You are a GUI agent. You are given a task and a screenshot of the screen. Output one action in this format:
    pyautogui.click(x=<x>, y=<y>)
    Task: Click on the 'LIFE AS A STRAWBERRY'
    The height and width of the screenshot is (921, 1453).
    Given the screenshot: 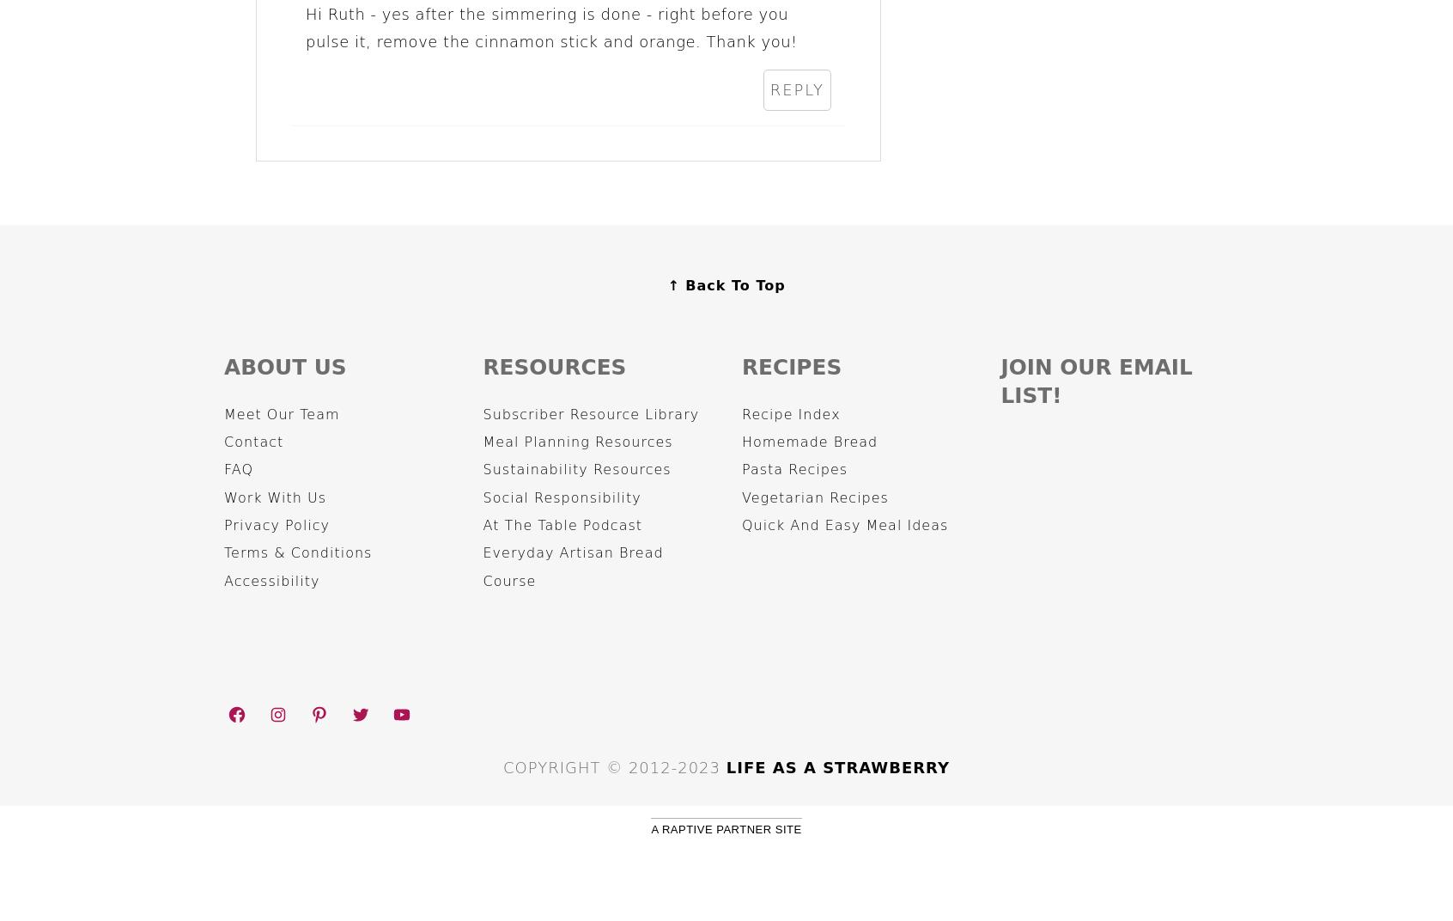 What is the action you would take?
    pyautogui.click(x=837, y=767)
    